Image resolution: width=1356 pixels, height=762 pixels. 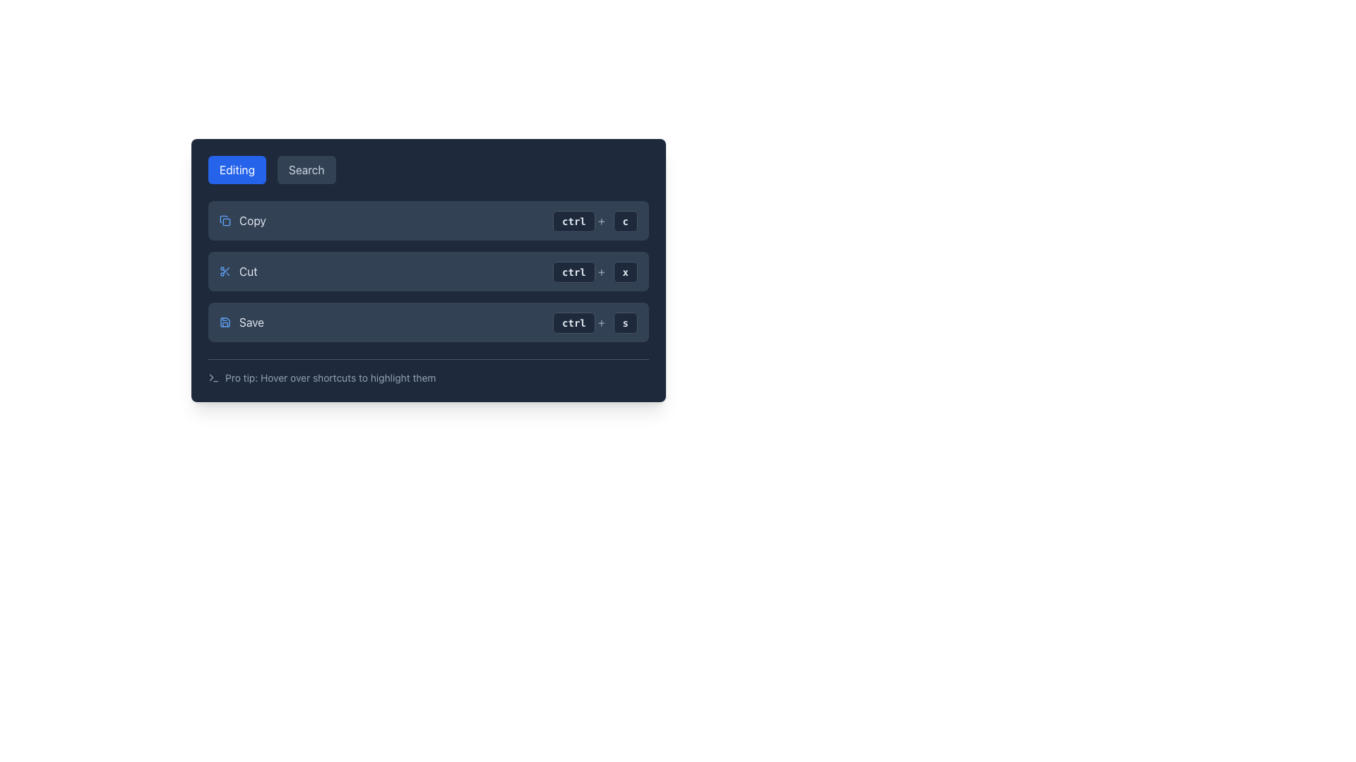 What do you see at coordinates (595, 322) in the screenshot?
I see `the keyboard shortcut display component that represents the 'Ctrl + S' combination, which is located in the 'Save' section and is the third element in the list of shortcut definitions` at bounding box center [595, 322].